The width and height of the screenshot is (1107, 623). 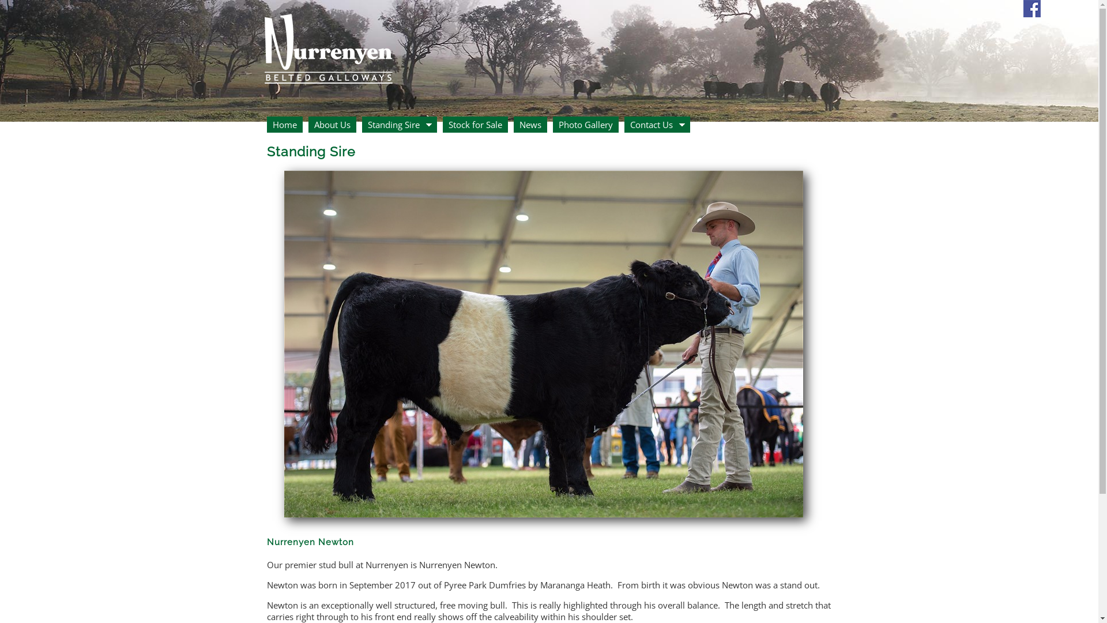 What do you see at coordinates (265, 125) in the screenshot?
I see `'Home'` at bounding box center [265, 125].